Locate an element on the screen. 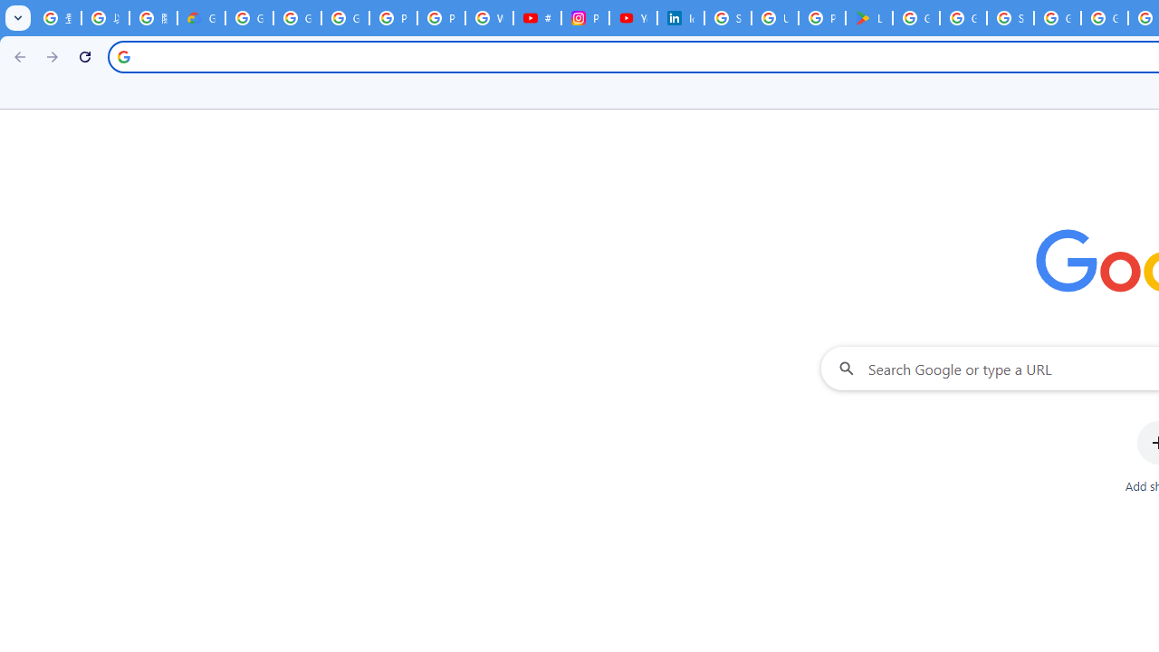 The height and width of the screenshot is (652, 1159). 'Identity verification via Persona | LinkedIn Help' is located at coordinates (680, 18).